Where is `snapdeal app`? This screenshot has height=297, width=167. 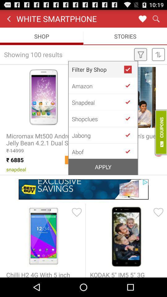
snapdeal app is located at coordinates (98, 102).